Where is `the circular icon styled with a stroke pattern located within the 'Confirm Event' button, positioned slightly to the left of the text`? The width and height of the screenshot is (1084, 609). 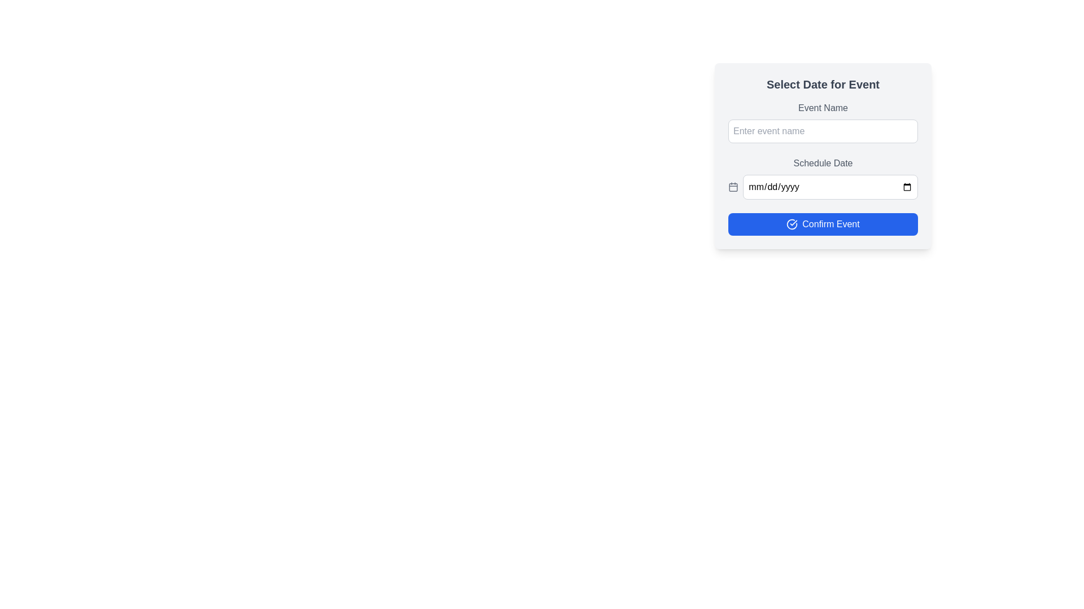
the circular icon styled with a stroke pattern located within the 'Confirm Event' button, positioned slightly to the left of the text is located at coordinates (792, 224).